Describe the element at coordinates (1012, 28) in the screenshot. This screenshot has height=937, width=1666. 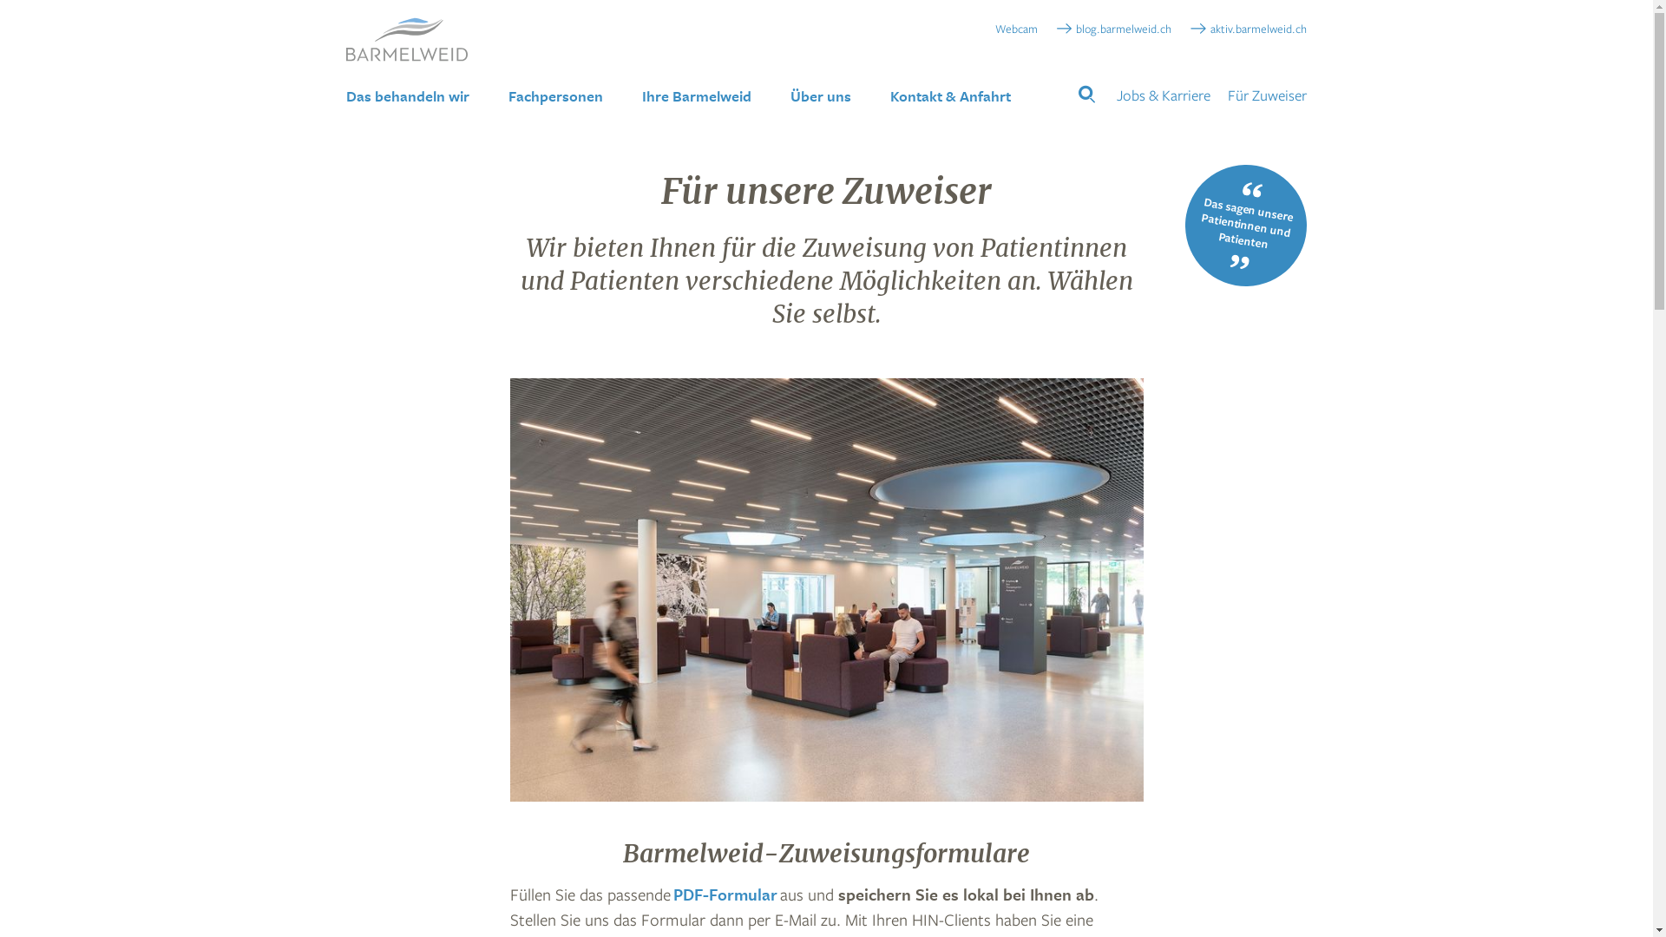
I see `'Webcam'` at that location.